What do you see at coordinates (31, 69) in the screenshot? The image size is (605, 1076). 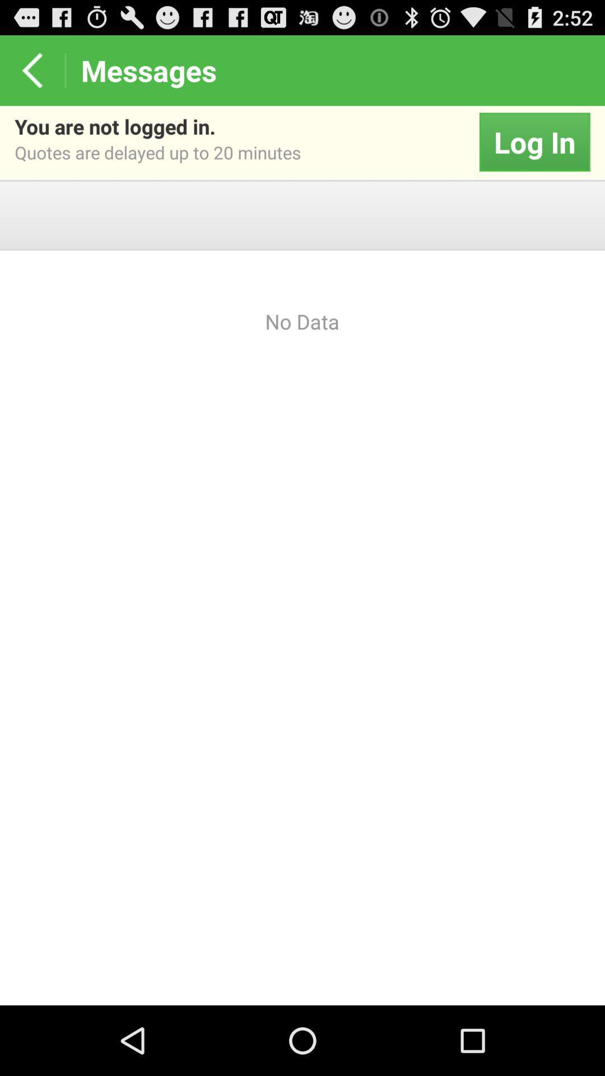 I see `item to the left of the messages item` at bounding box center [31, 69].